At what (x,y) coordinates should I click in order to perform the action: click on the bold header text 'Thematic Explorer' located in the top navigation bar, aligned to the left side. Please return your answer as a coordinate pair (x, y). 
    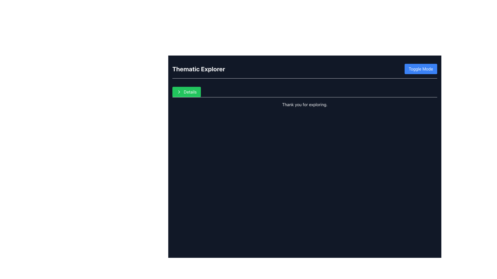
    Looking at the image, I should click on (198, 68).